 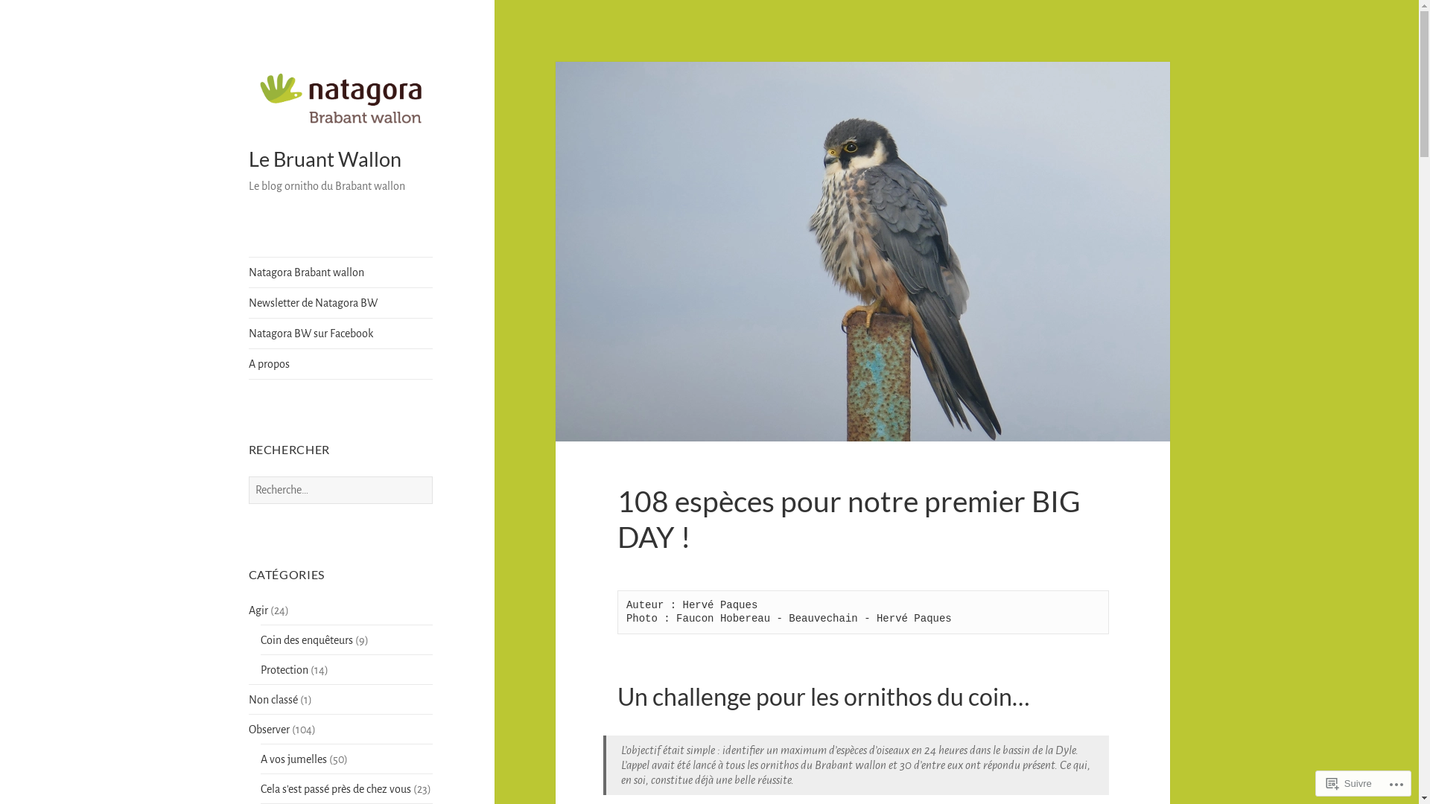 I want to click on 'Protection', so click(x=285, y=669).